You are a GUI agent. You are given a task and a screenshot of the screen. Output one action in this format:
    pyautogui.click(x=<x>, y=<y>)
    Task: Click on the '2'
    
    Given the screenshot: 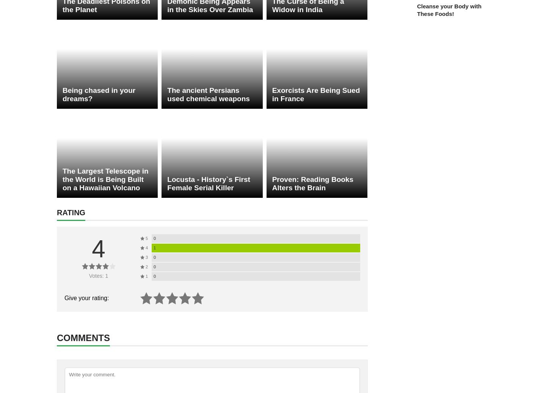 What is the action you would take?
    pyautogui.click(x=146, y=267)
    